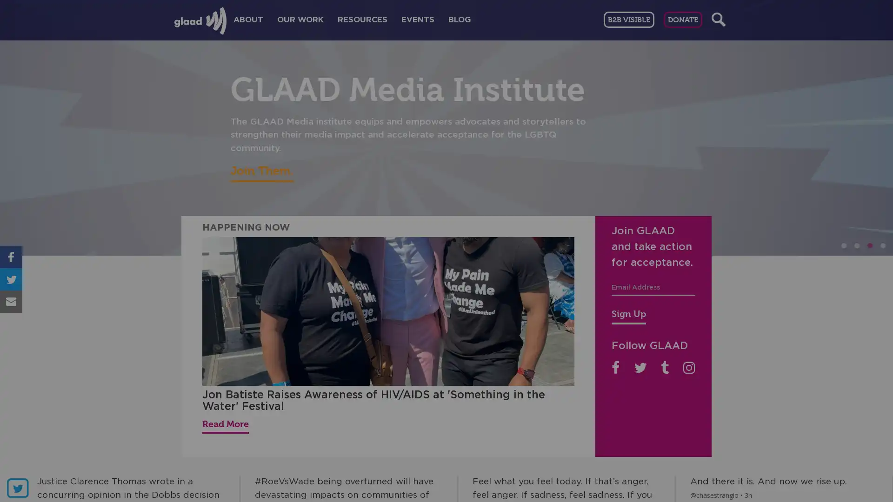 This screenshot has height=502, width=893. I want to click on Sign Up, so click(629, 315).